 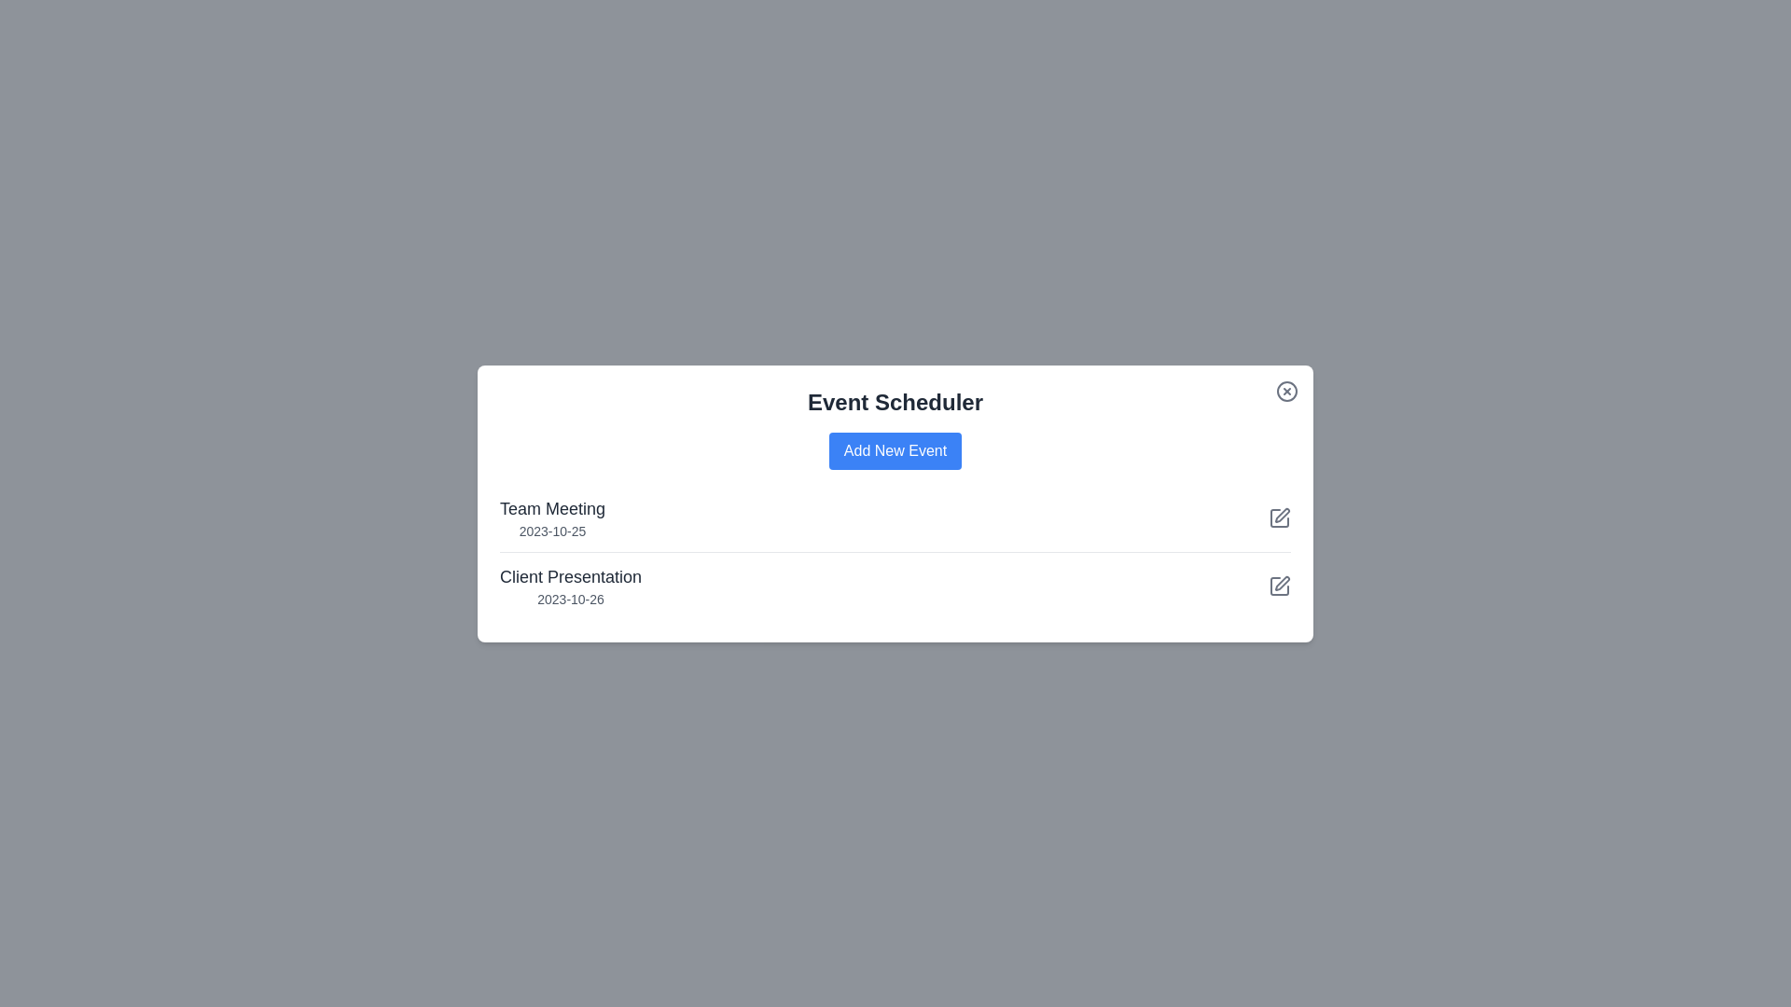 What do you see at coordinates (570, 585) in the screenshot?
I see `the composite element consisting of the bolded label 'Client Presentation' and the smaller date '2023-10-26' located in the white section towards the bottom of the interface` at bounding box center [570, 585].